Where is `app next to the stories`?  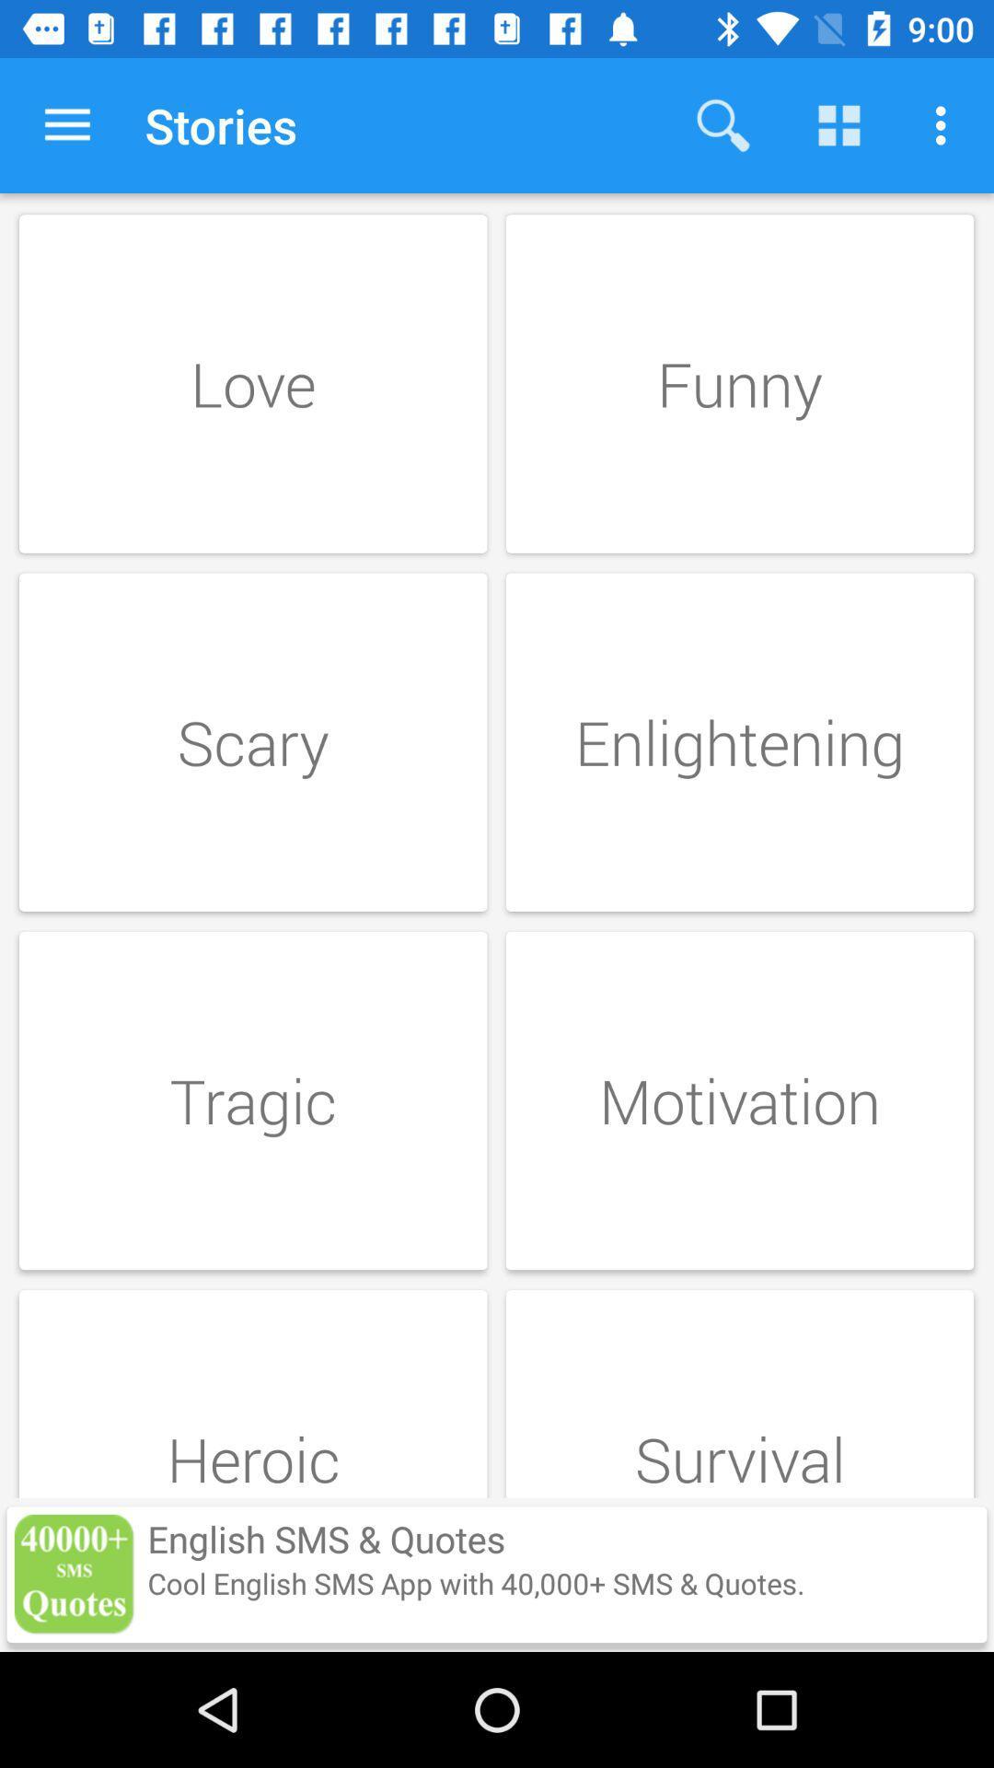
app next to the stories is located at coordinates (722, 124).